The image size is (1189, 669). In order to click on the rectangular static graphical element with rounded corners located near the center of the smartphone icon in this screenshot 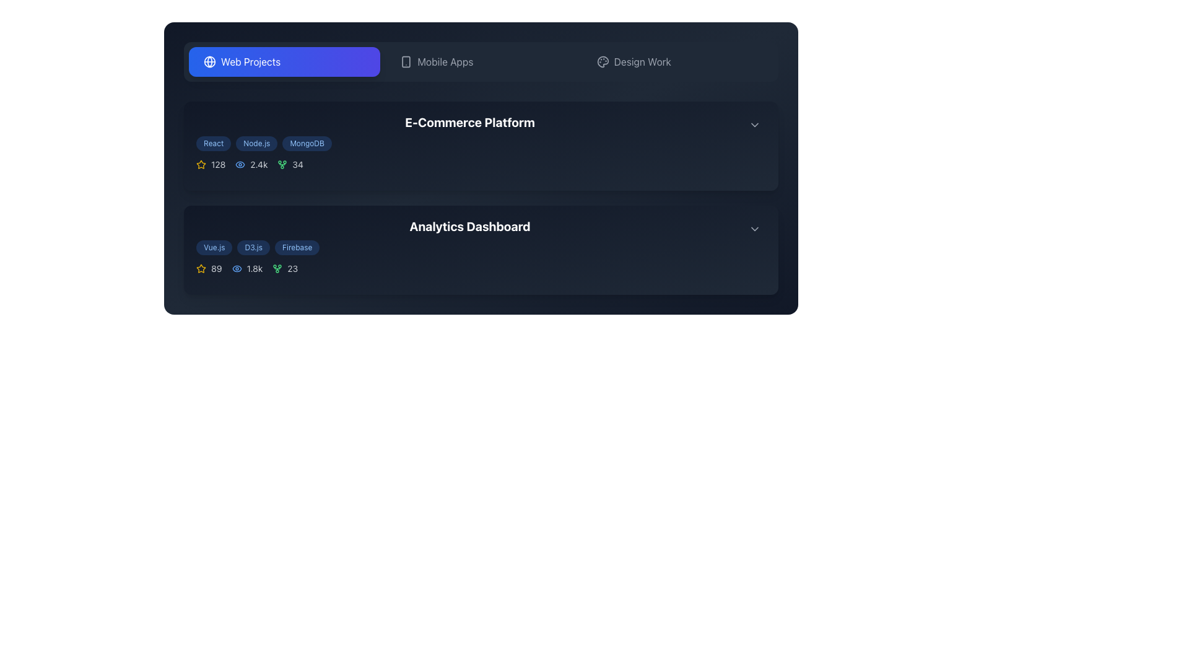, I will do `click(406, 62)`.